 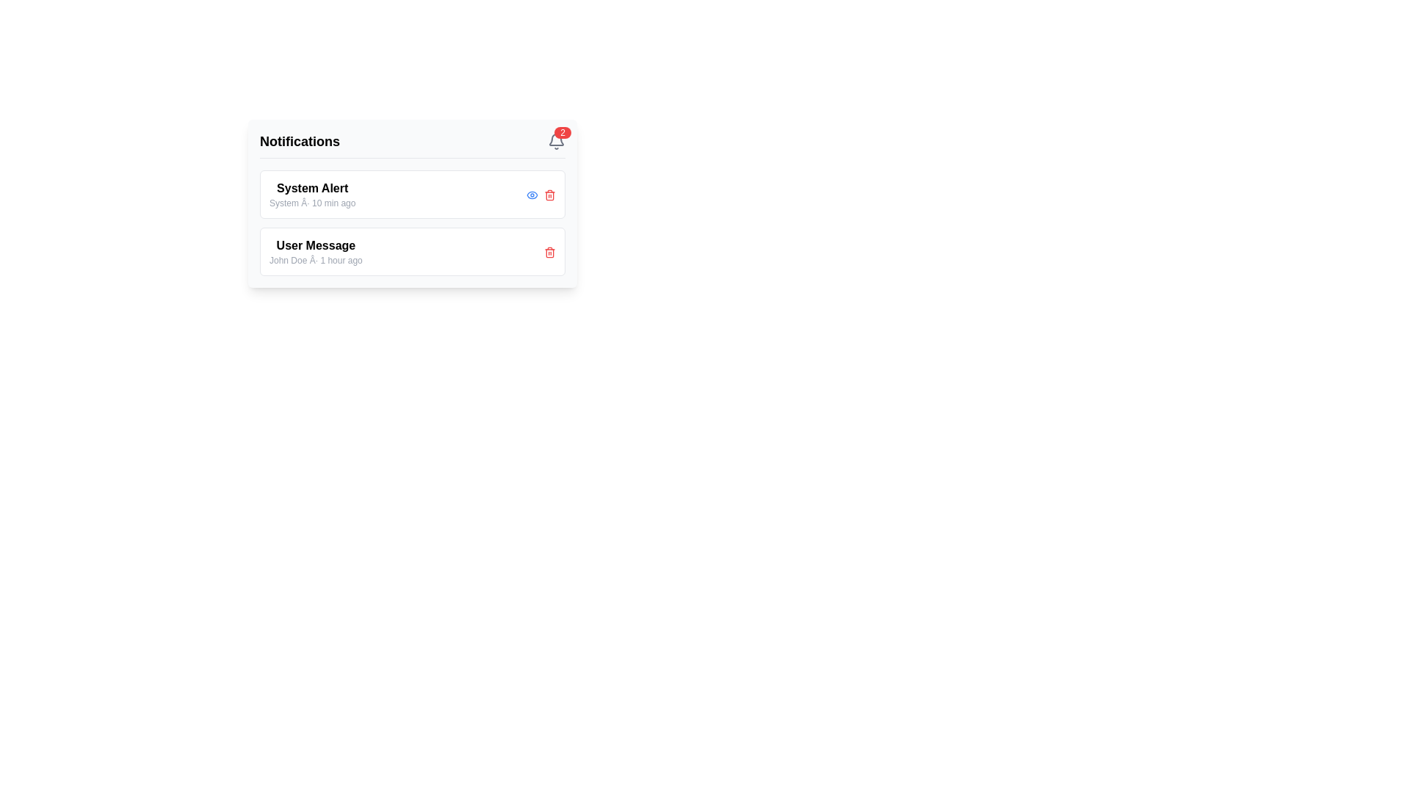 What do you see at coordinates (311, 194) in the screenshot?
I see `text from the 'System Alert' notification header located in the first notification card at the specified coordinates` at bounding box center [311, 194].